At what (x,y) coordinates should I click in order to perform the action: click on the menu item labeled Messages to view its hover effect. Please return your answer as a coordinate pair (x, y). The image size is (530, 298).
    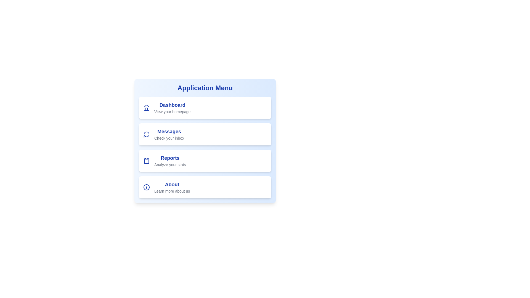
    Looking at the image, I should click on (205, 134).